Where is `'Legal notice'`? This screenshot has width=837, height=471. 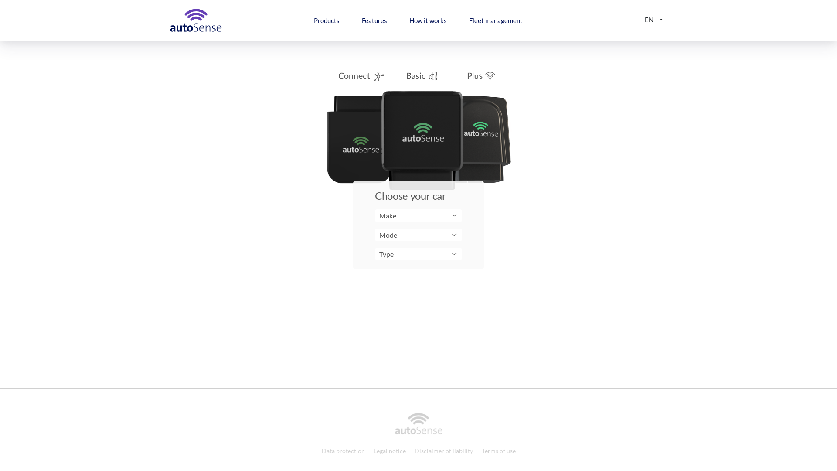 'Legal notice' is located at coordinates (388, 451).